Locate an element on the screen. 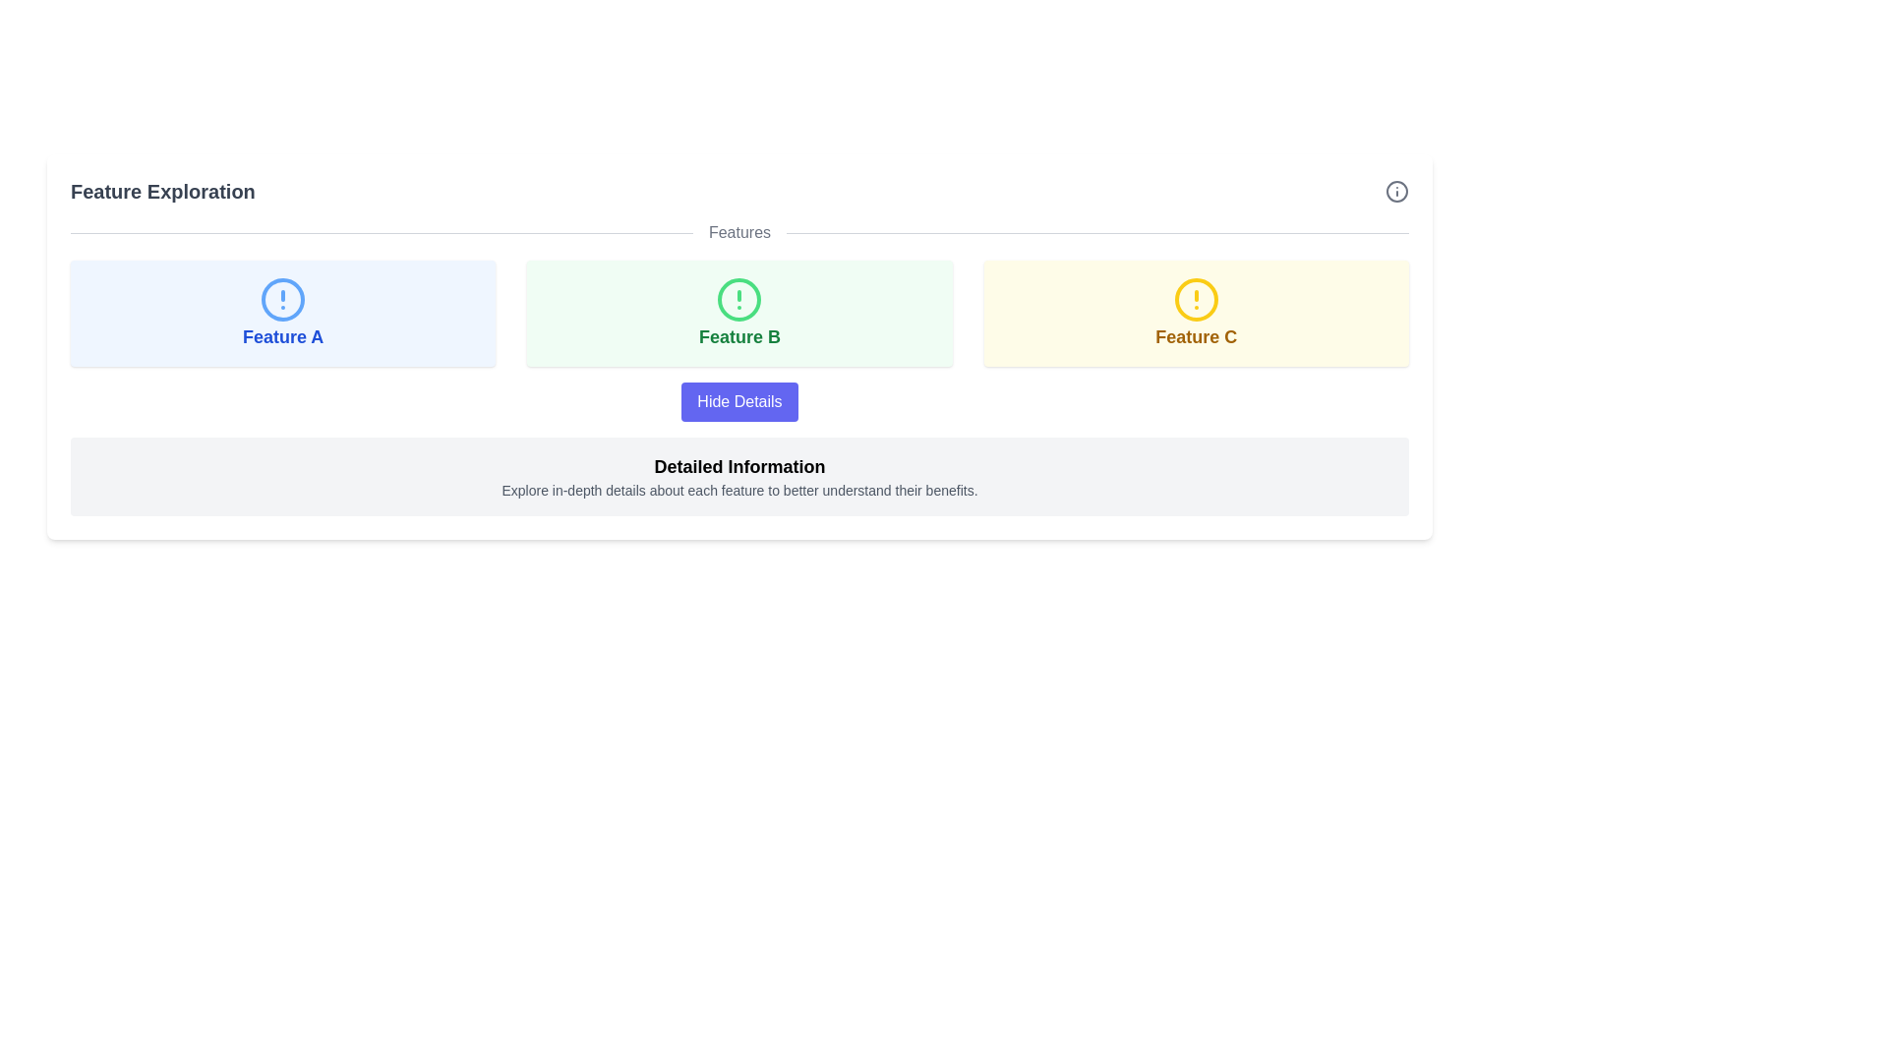 Image resolution: width=1888 pixels, height=1062 pixels. the interactive information marker icon located at the far-right corner of the header, next to the 'Feature Exploration' text, to retrieve additional information is located at coordinates (1395, 192).